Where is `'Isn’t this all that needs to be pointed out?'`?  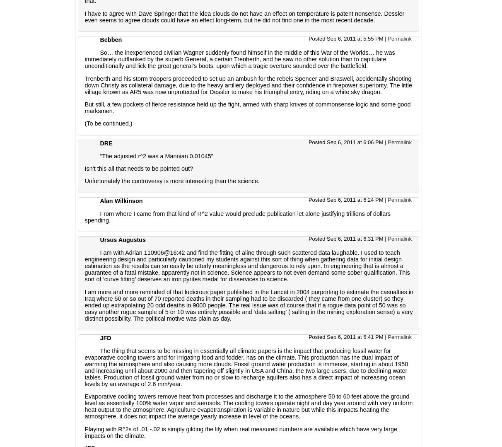
'Isn’t this all that needs to be pointed out?' is located at coordinates (138, 168).